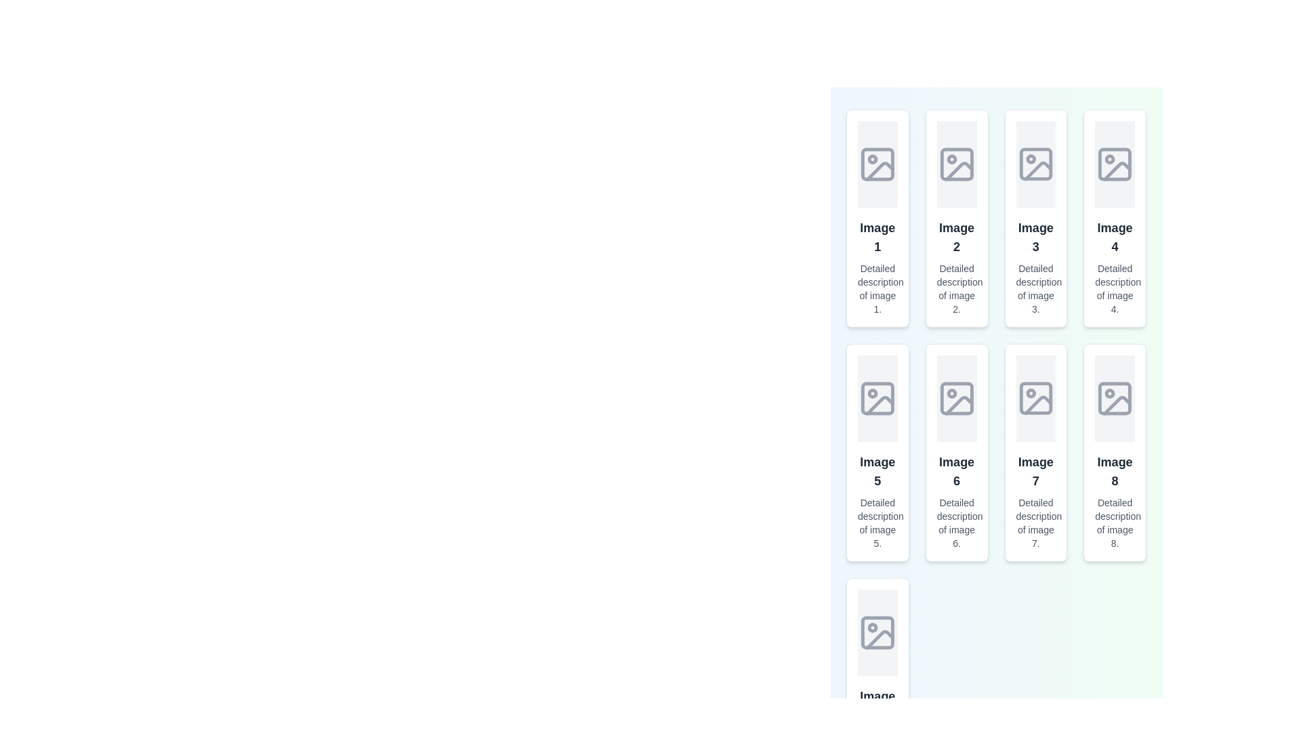 This screenshot has width=1301, height=731. I want to click on the text label that identifies the card's content related to 'Image 2', which is positioned centrally in the grid layout, specifically the second item in the top row, so click(956, 237).